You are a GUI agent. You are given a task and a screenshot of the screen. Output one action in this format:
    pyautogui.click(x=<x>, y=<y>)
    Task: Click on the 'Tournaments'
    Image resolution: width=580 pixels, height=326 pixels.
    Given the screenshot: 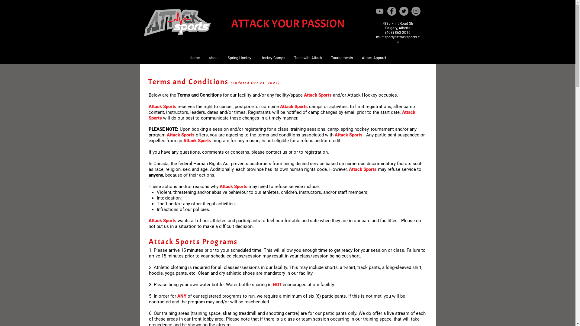 What is the action you would take?
    pyautogui.click(x=342, y=58)
    